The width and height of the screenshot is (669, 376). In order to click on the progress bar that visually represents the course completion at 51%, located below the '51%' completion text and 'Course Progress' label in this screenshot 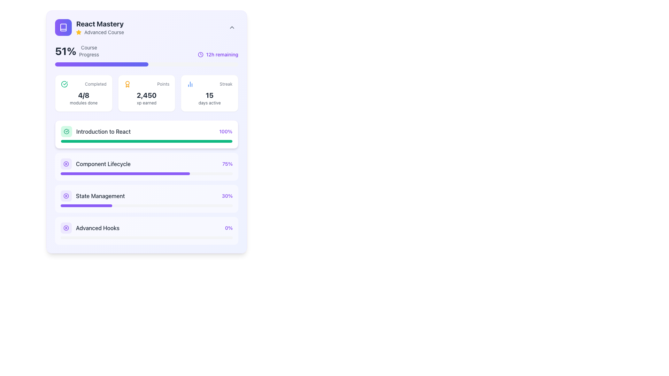, I will do `click(146, 64)`.